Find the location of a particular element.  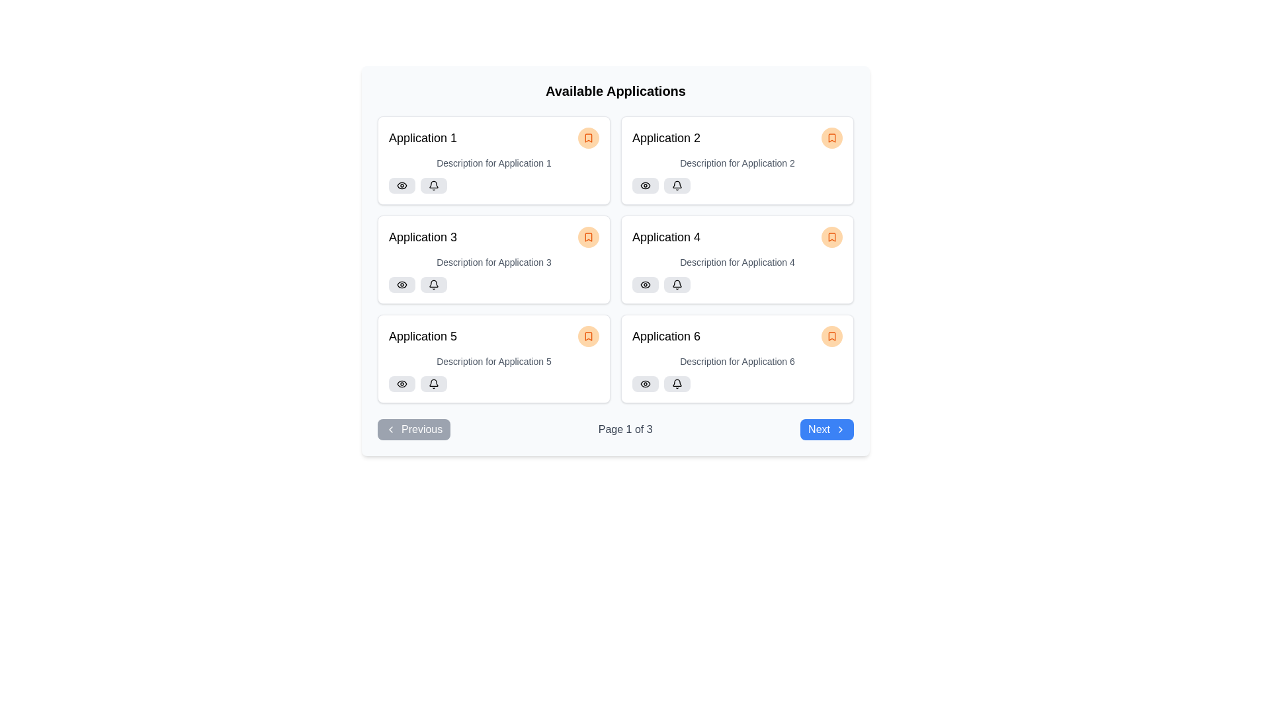

the icon that toggles visibility for 'Application 1' is located at coordinates (402, 186).